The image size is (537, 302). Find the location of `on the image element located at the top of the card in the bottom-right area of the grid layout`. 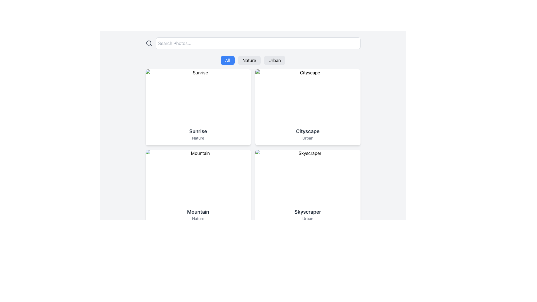

on the image element located at the top of the card in the bottom-right area of the grid layout is located at coordinates (307, 177).